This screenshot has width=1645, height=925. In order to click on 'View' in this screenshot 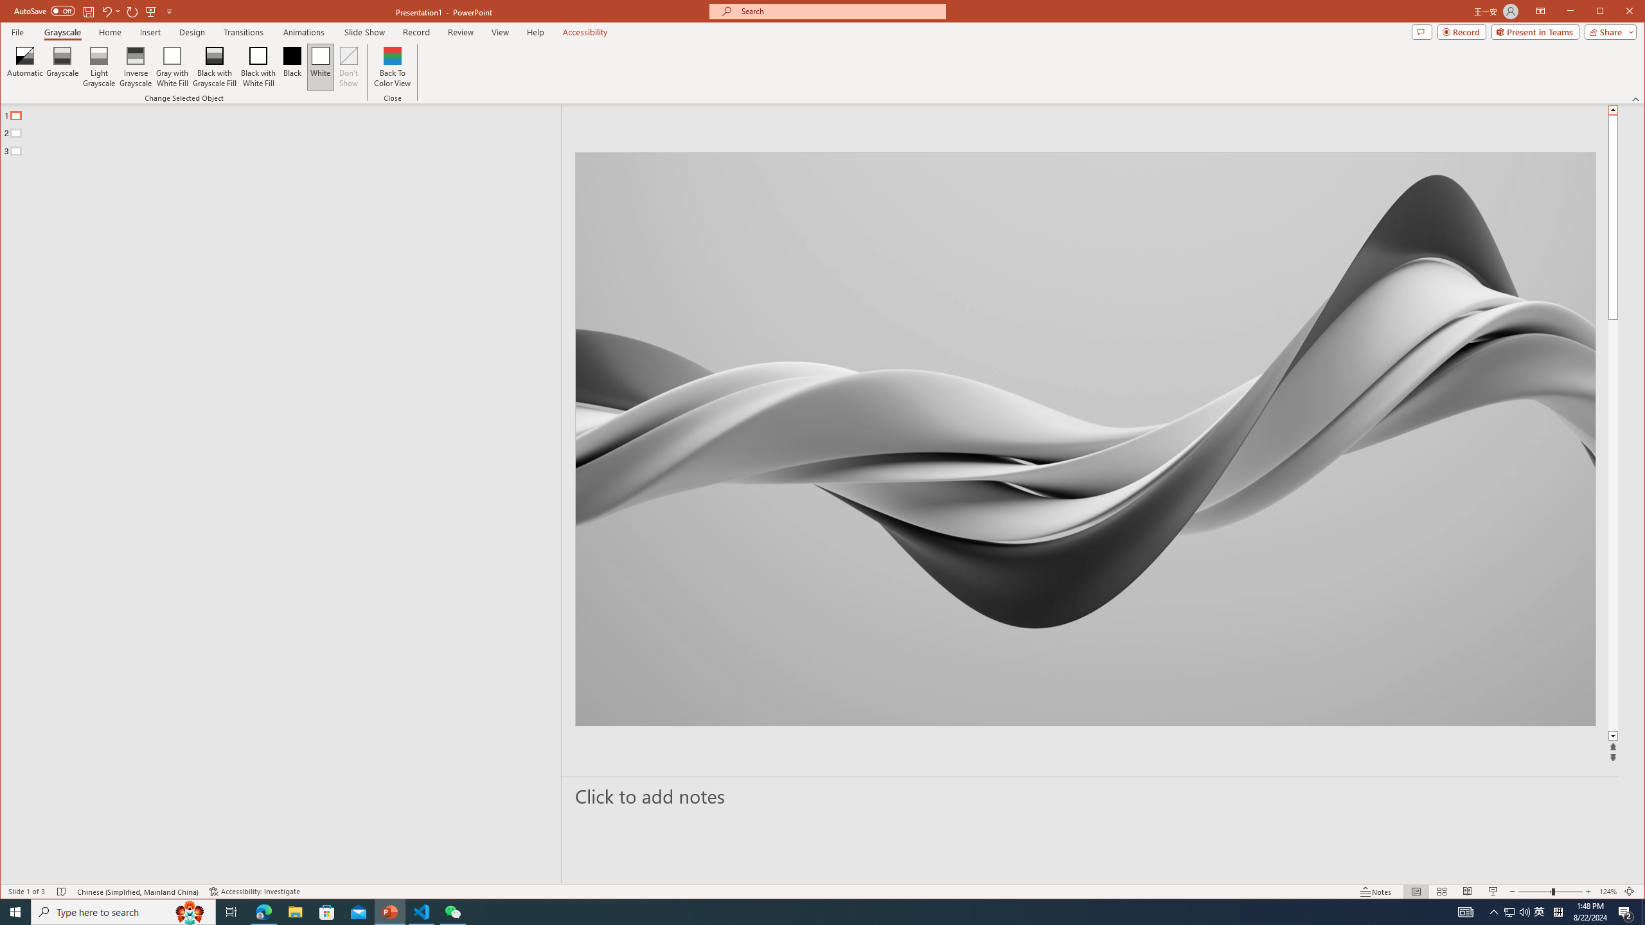, I will do `click(500, 31)`.